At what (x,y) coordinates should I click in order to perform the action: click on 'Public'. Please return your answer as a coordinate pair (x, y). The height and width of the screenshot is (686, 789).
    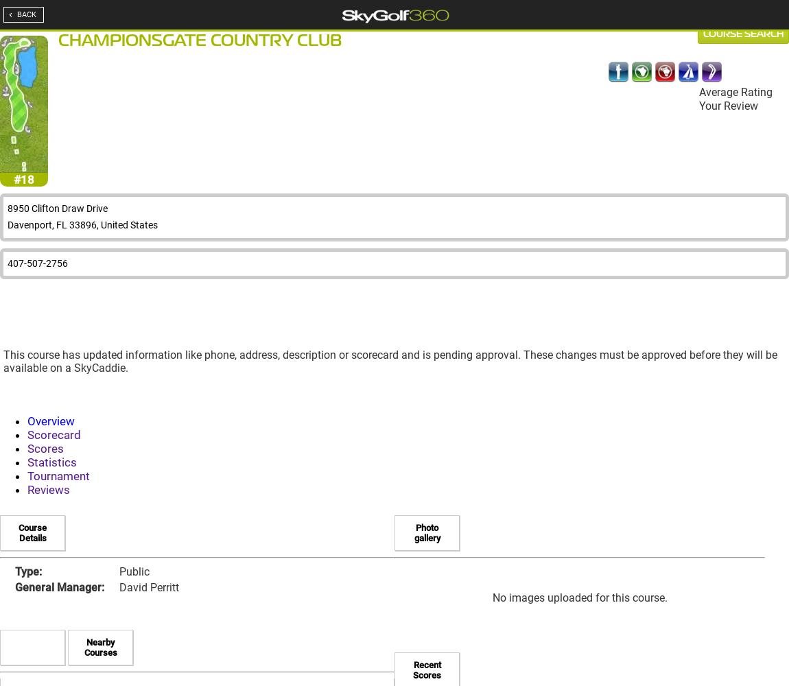
    Looking at the image, I should click on (133, 571).